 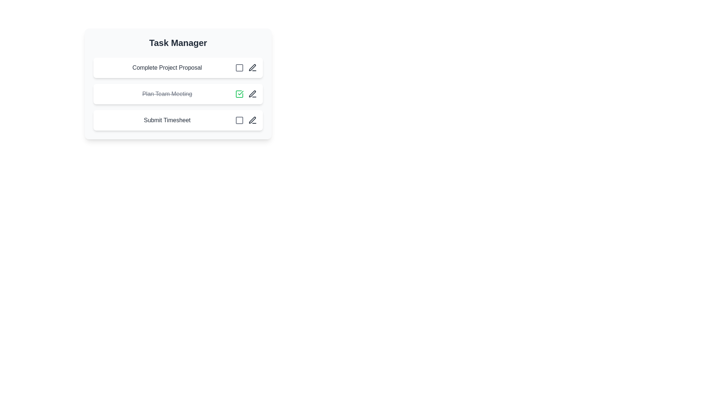 I want to click on the smaller square icon located within the 'Submit Timesheet' task row on the right-hand side, so click(x=240, y=120).